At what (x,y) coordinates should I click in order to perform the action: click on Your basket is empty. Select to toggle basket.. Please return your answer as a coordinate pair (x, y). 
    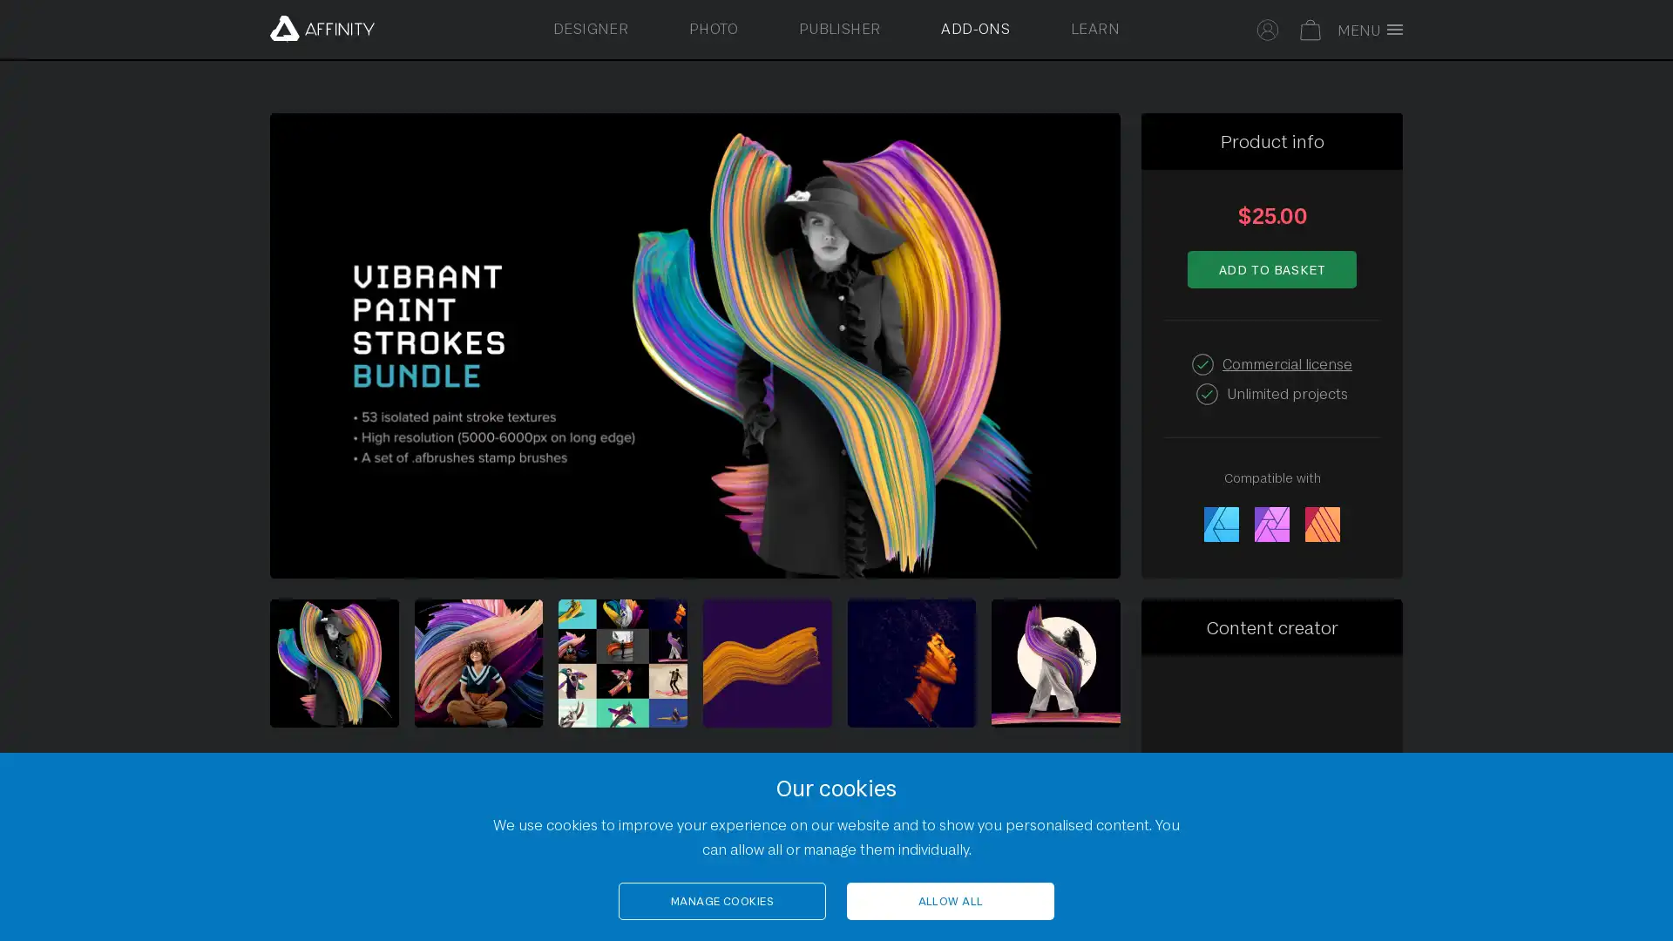
    Looking at the image, I should click on (1311, 27).